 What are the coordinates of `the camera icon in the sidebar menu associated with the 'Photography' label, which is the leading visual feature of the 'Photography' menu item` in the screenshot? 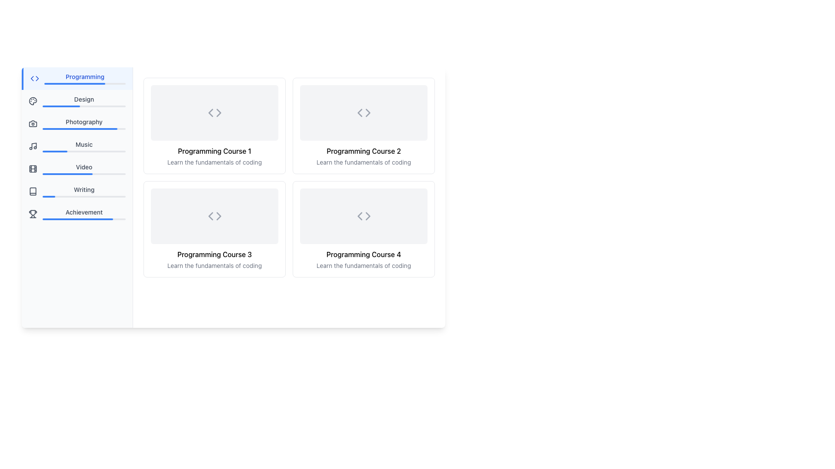 It's located at (33, 124).